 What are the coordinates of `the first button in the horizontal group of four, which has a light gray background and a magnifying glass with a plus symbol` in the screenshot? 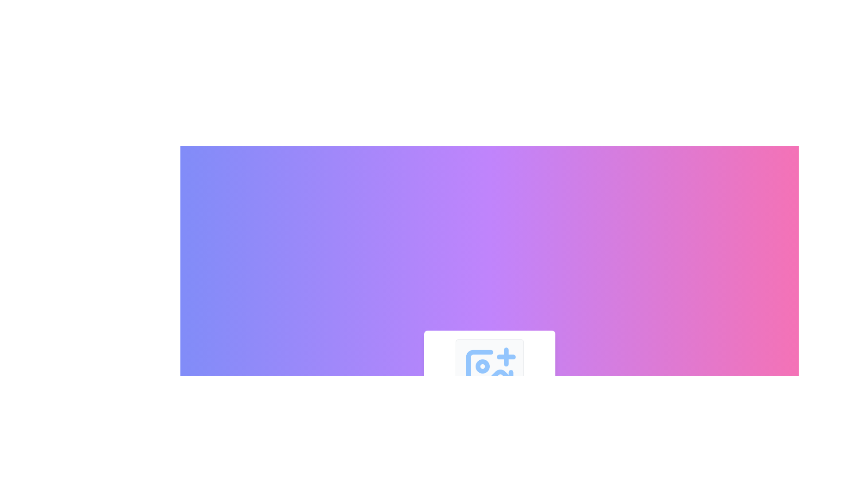 It's located at (444, 422).